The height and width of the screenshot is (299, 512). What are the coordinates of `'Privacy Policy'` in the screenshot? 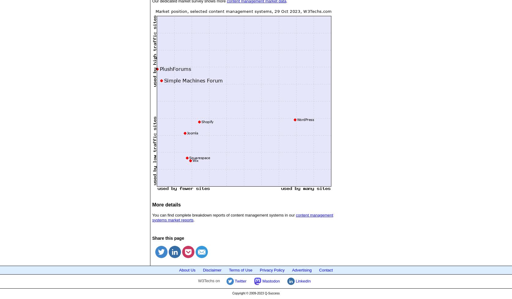 It's located at (260, 269).